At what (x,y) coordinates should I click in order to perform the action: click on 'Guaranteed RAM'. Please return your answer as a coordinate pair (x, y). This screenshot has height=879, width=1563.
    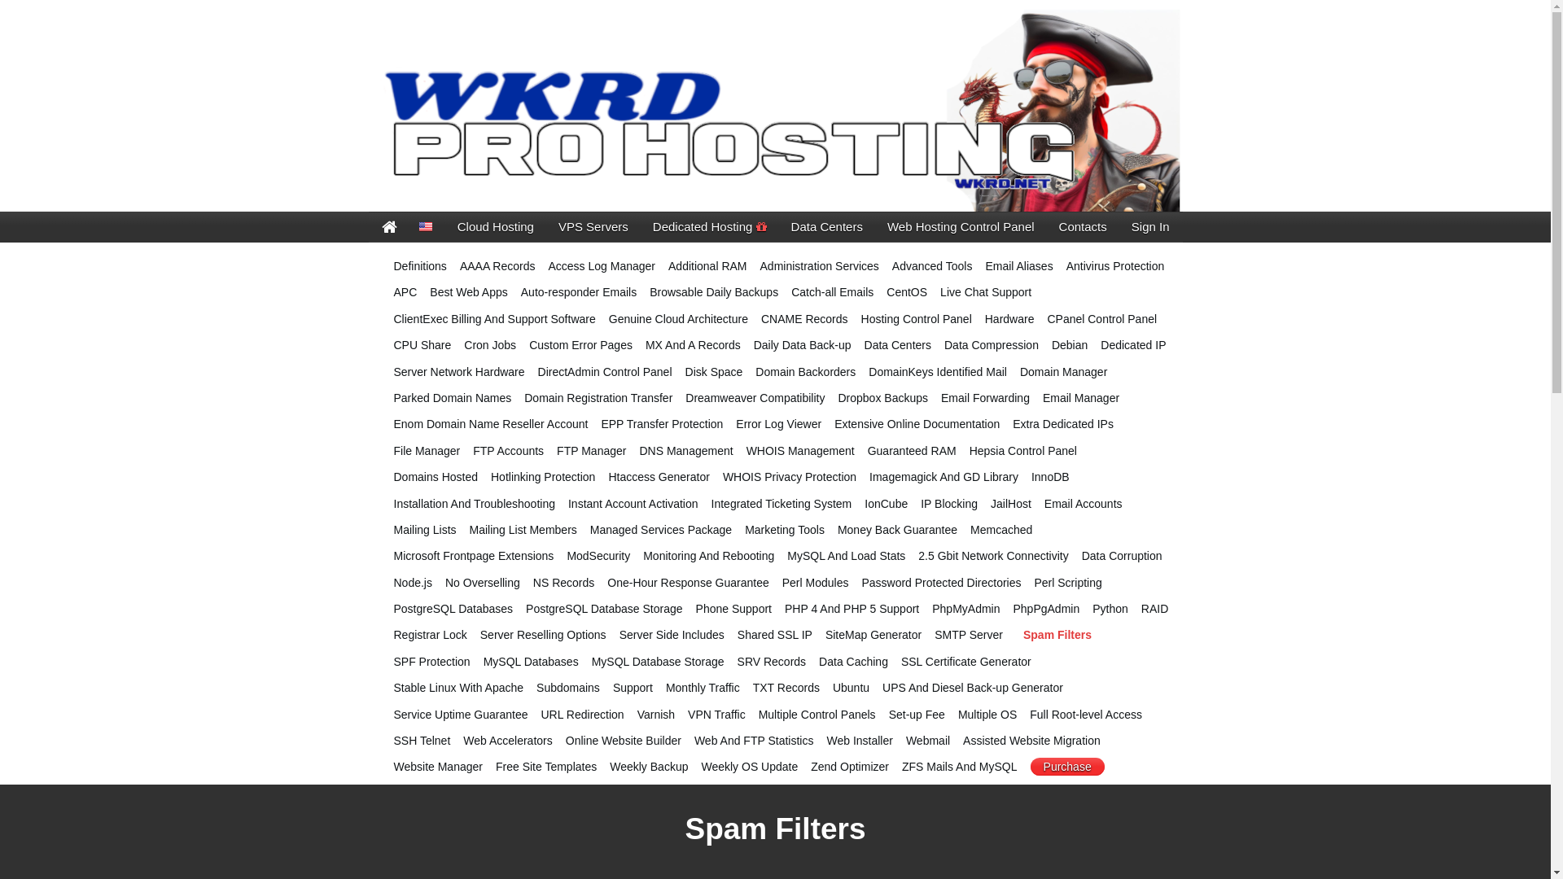
    Looking at the image, I should click on (912, 451).